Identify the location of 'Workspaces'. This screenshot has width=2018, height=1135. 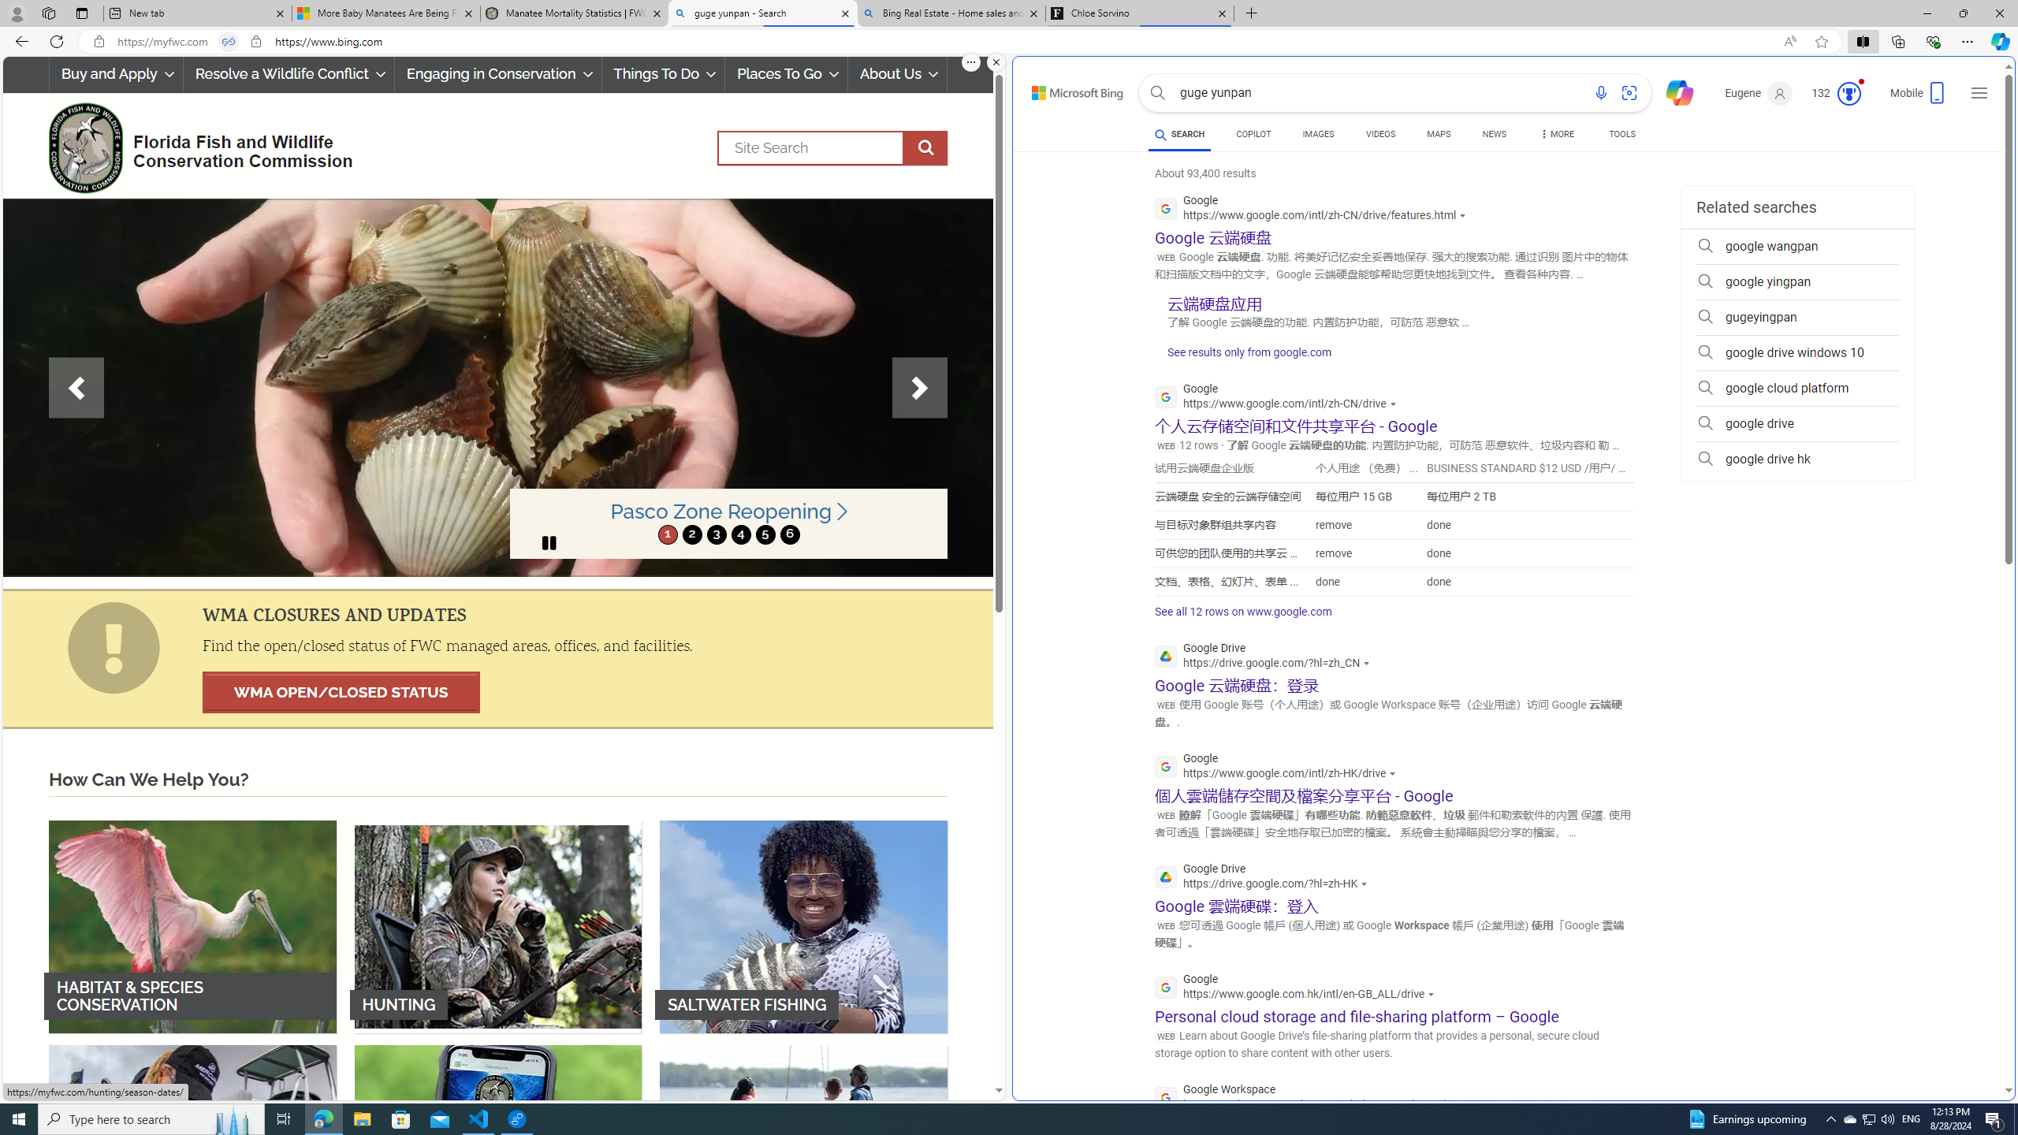
(48, 13).